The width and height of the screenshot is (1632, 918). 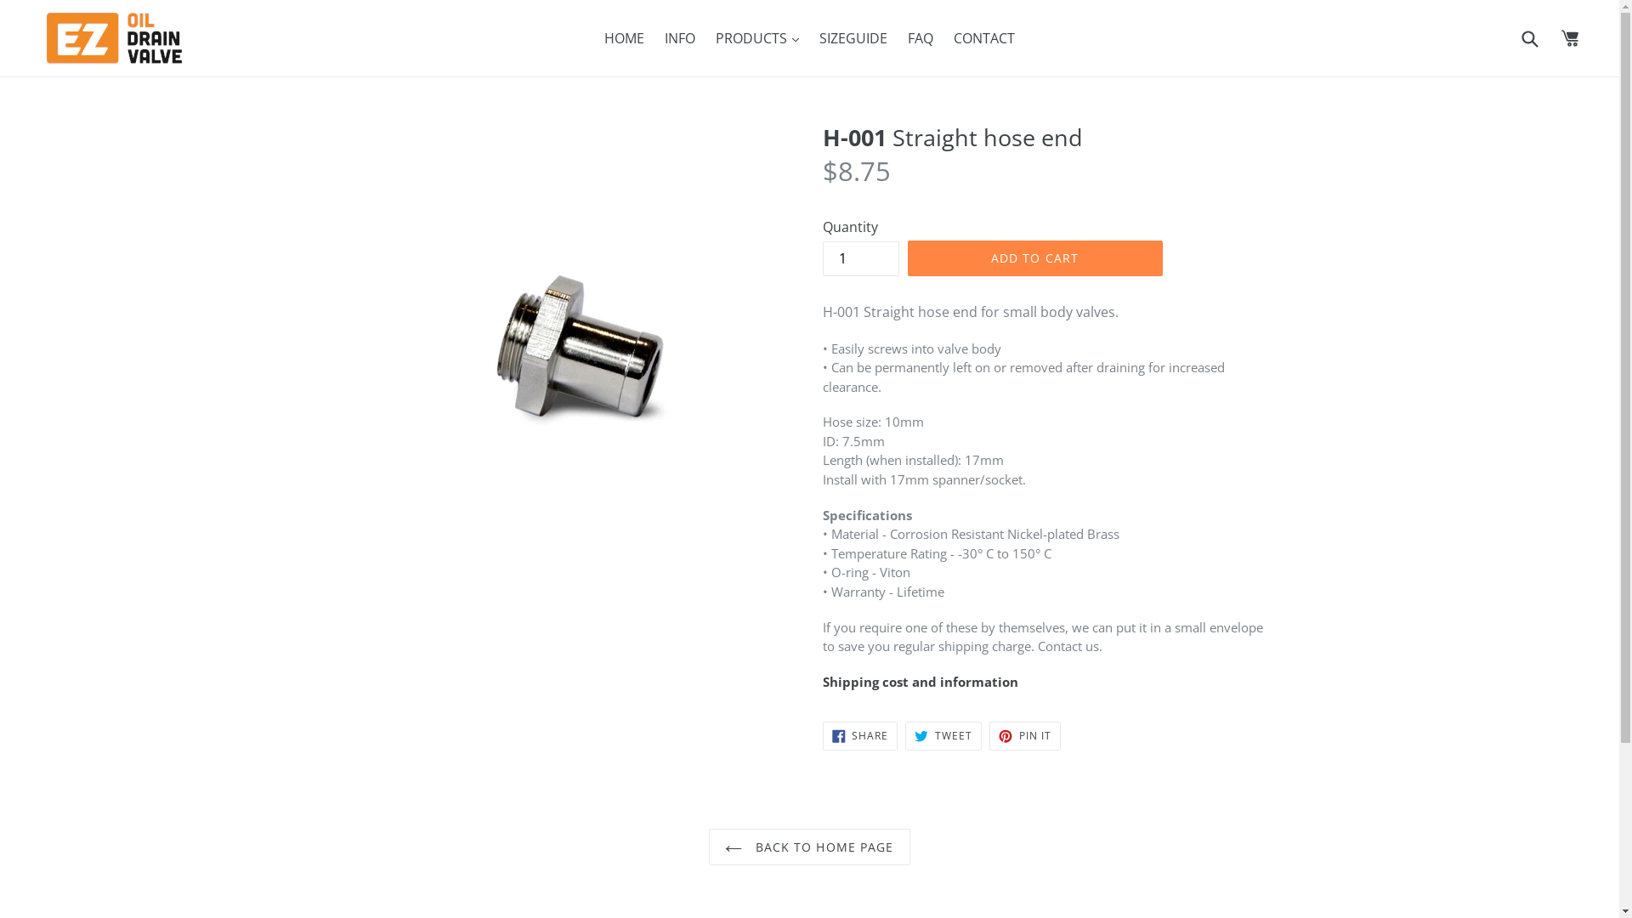 I want to click on 'FAQ', so click(x=920, y=38).